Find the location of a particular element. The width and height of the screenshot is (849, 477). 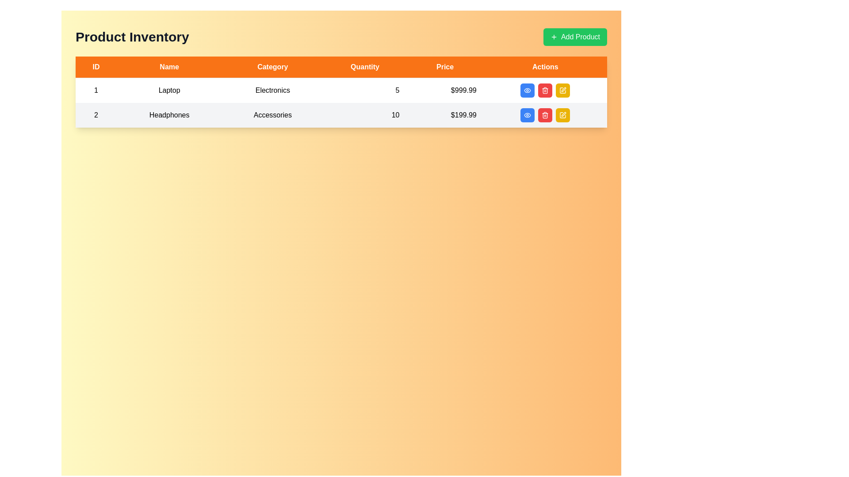

text content of the 'ID' Table Header Cell, which is the first column header in the table structure is located at coordinates (96, 67).